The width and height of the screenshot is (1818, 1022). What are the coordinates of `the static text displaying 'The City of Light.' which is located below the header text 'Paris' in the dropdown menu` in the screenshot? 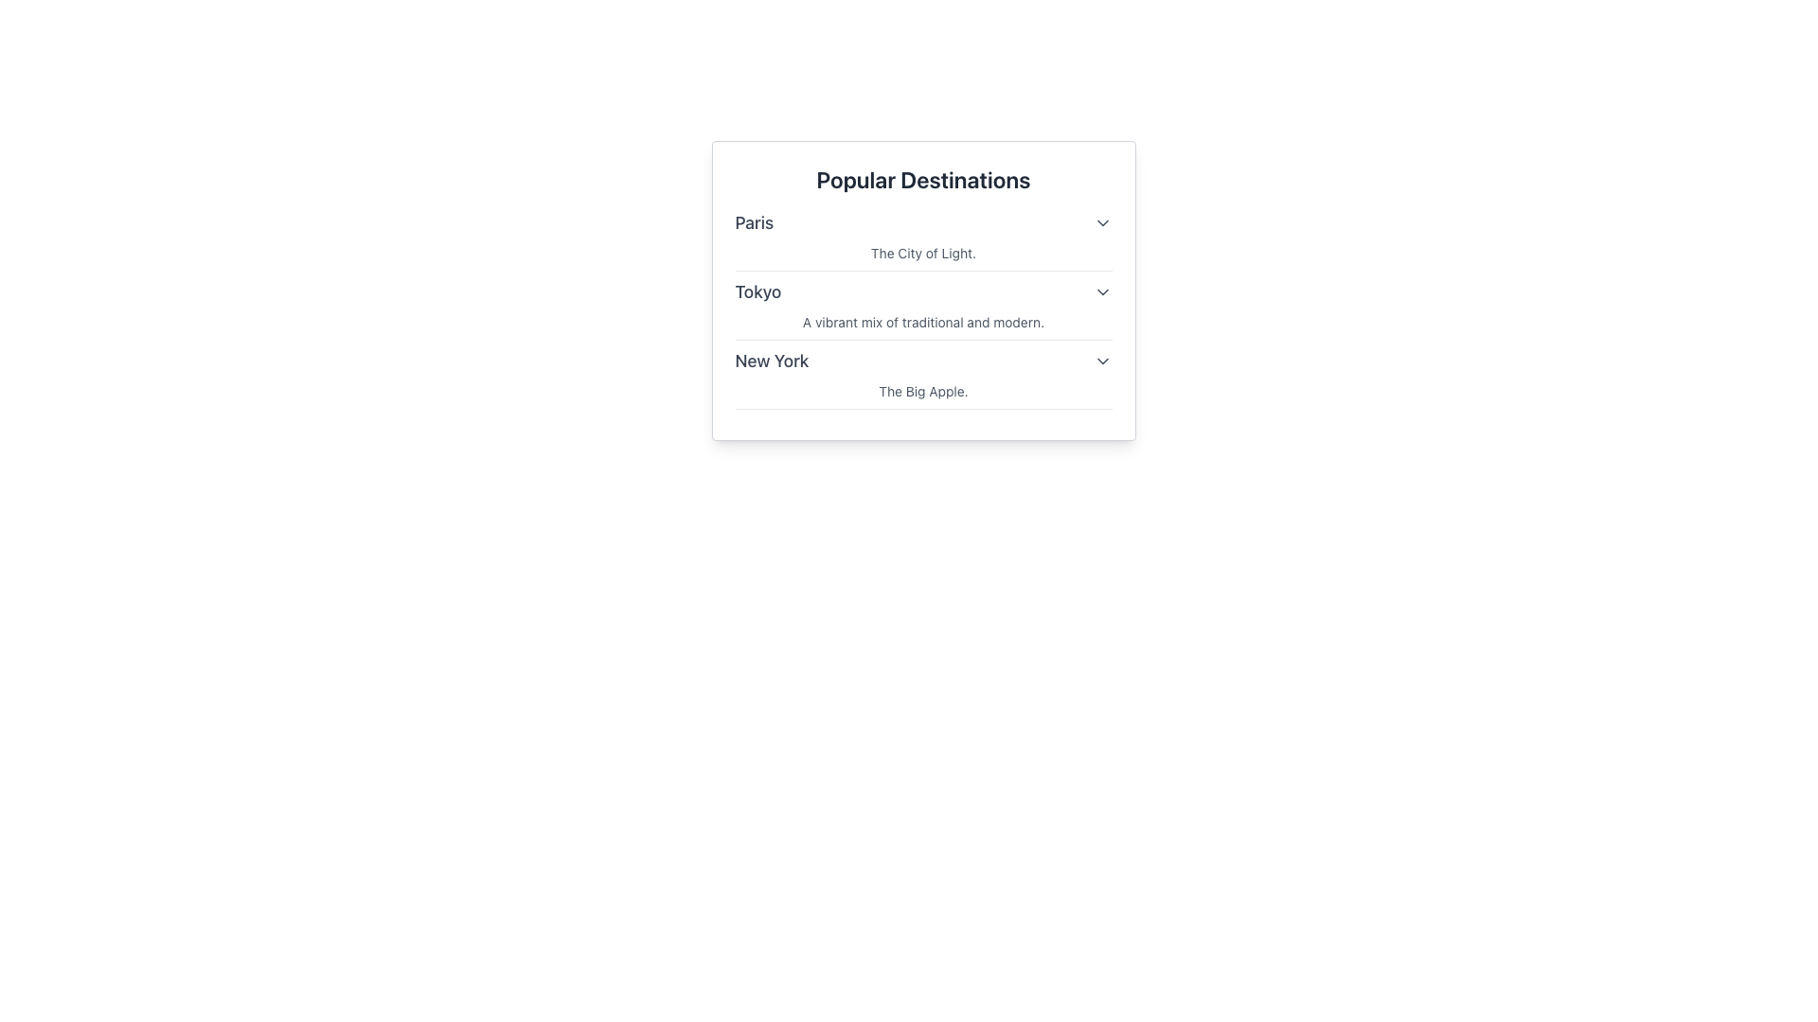 It's located at (923, 252).